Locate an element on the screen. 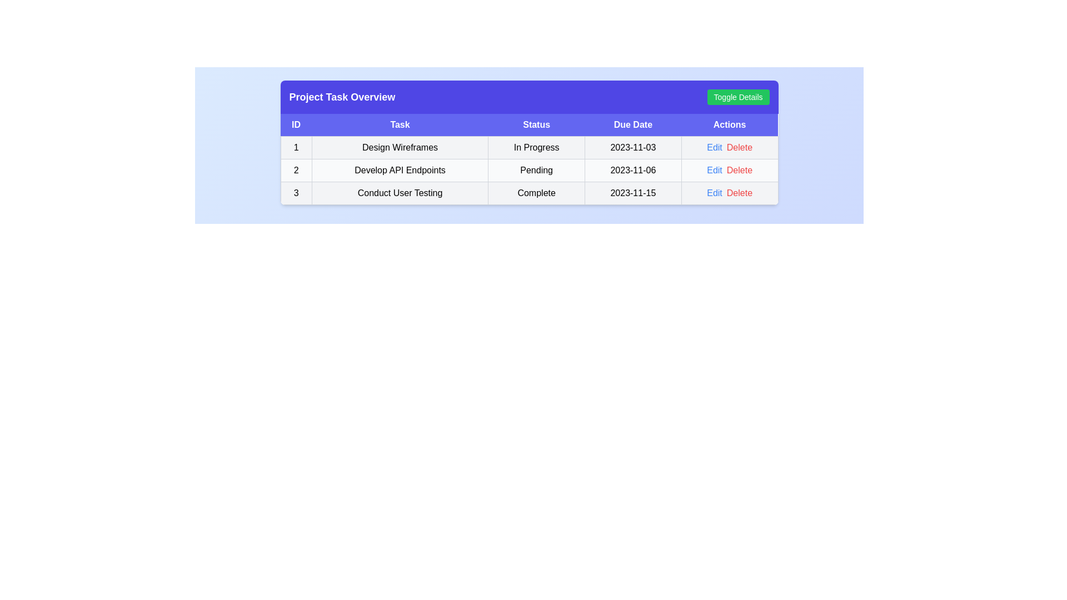 This screenshot has height=600, width=1067. the table header labeled Status to sort the tasks is located at coordinates (536, 125).